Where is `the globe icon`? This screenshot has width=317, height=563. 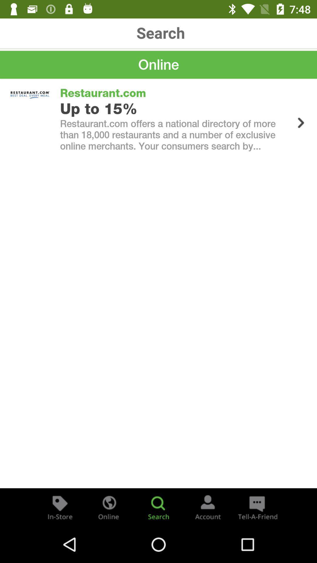
the globe icon is located at coordinates (109, 507).